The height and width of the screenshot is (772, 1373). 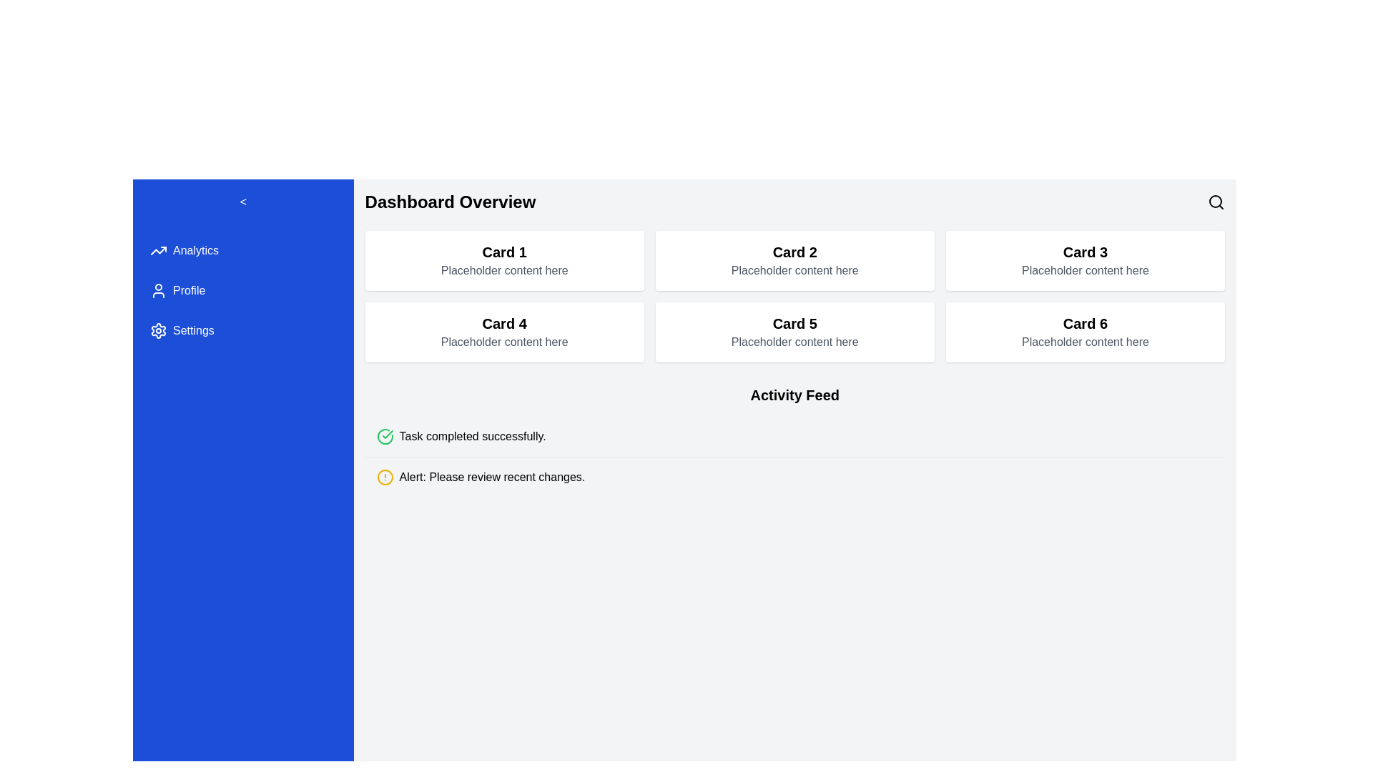 What do you see at coordinates (1085, 270) in the screenshot?
I see `the text label displaying 'Placeholder content here' within 'Card 3', located in the first row and third column of the card grid` at bounding box center [1085, 270].